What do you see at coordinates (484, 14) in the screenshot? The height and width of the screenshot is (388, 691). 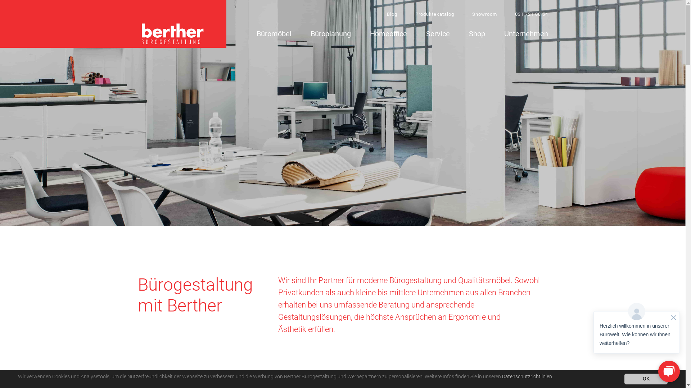 I see `'Showroom'` at bounding box center [484, 14].